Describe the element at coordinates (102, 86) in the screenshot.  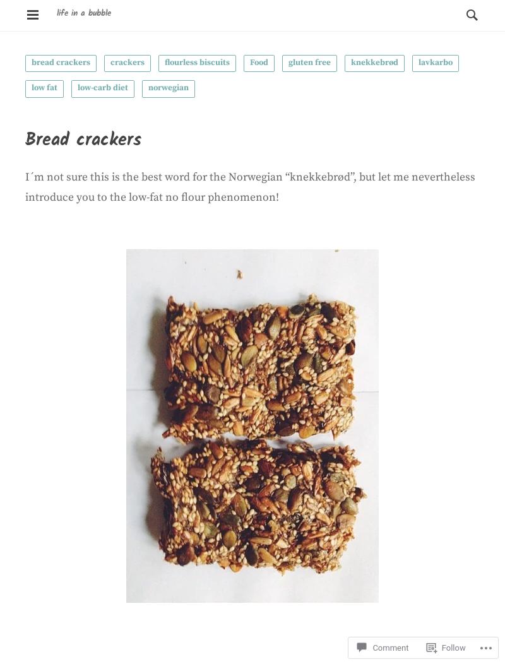
I see `'low-carb diet'` at that location.